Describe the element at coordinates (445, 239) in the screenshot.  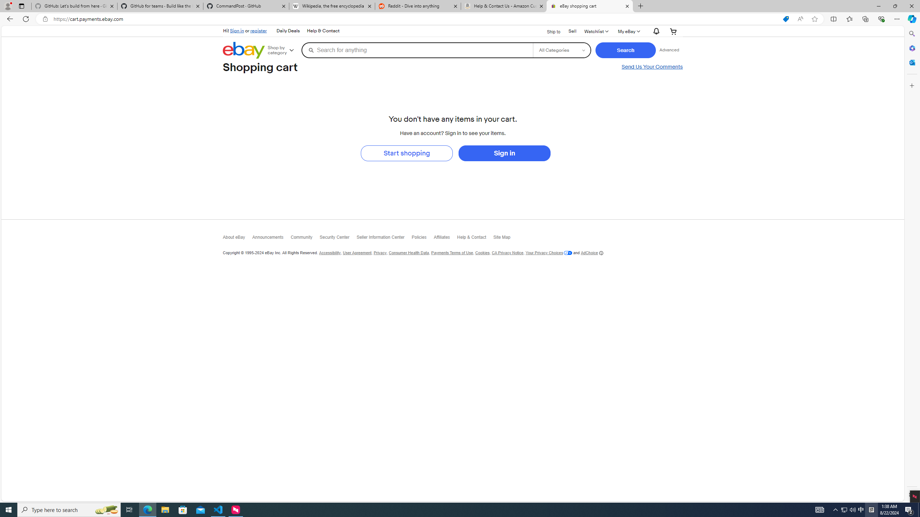
I see `'Affiliates'` at that location.